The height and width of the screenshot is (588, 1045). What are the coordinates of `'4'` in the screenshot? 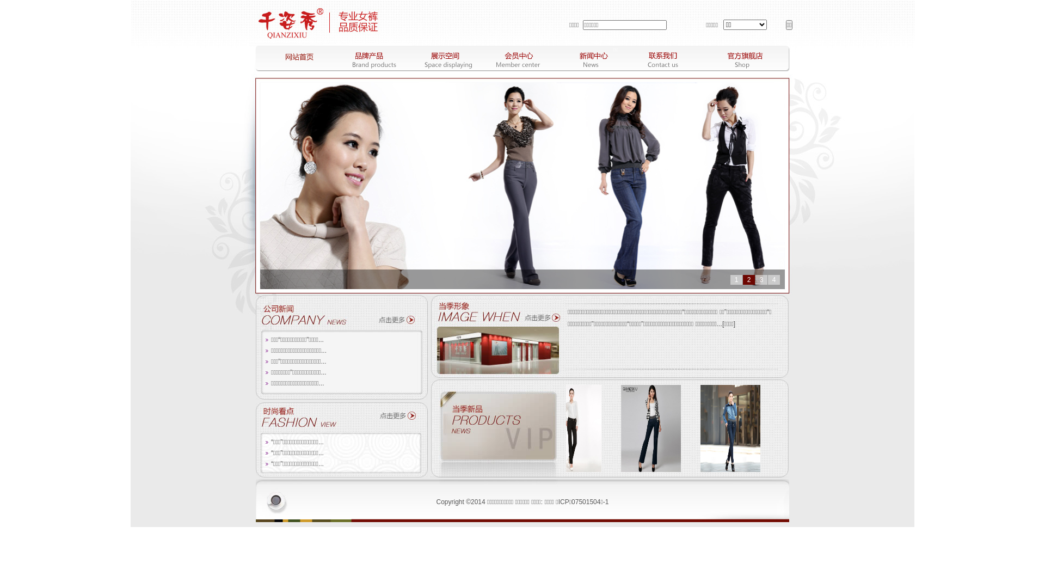 It's located at (773, 279).